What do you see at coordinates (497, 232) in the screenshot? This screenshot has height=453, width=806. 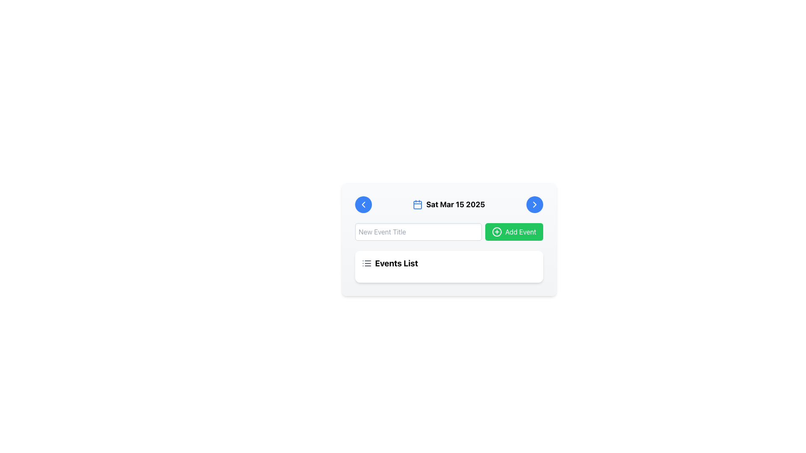 I see `the SVG circle element that visually indicates the 'add' action functionality for the 'Add Event' button, located to the right of the 'New Event Title' input field` at bounding box center [497, 232].